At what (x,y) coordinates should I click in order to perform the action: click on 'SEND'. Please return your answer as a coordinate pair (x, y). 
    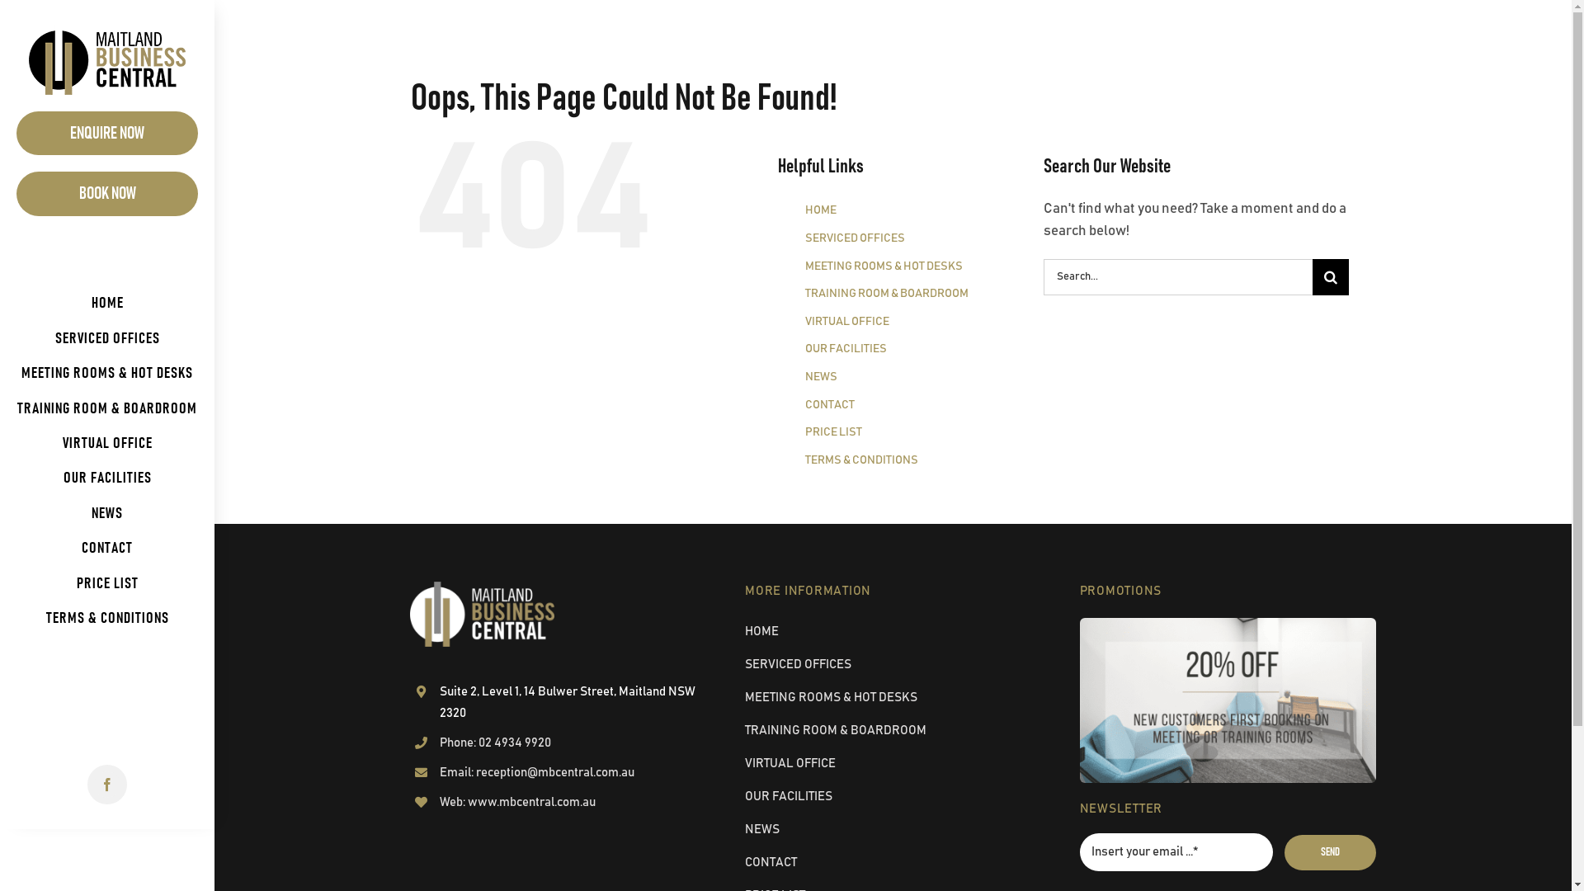
    Looking at the image, I should click on (1330, 852).